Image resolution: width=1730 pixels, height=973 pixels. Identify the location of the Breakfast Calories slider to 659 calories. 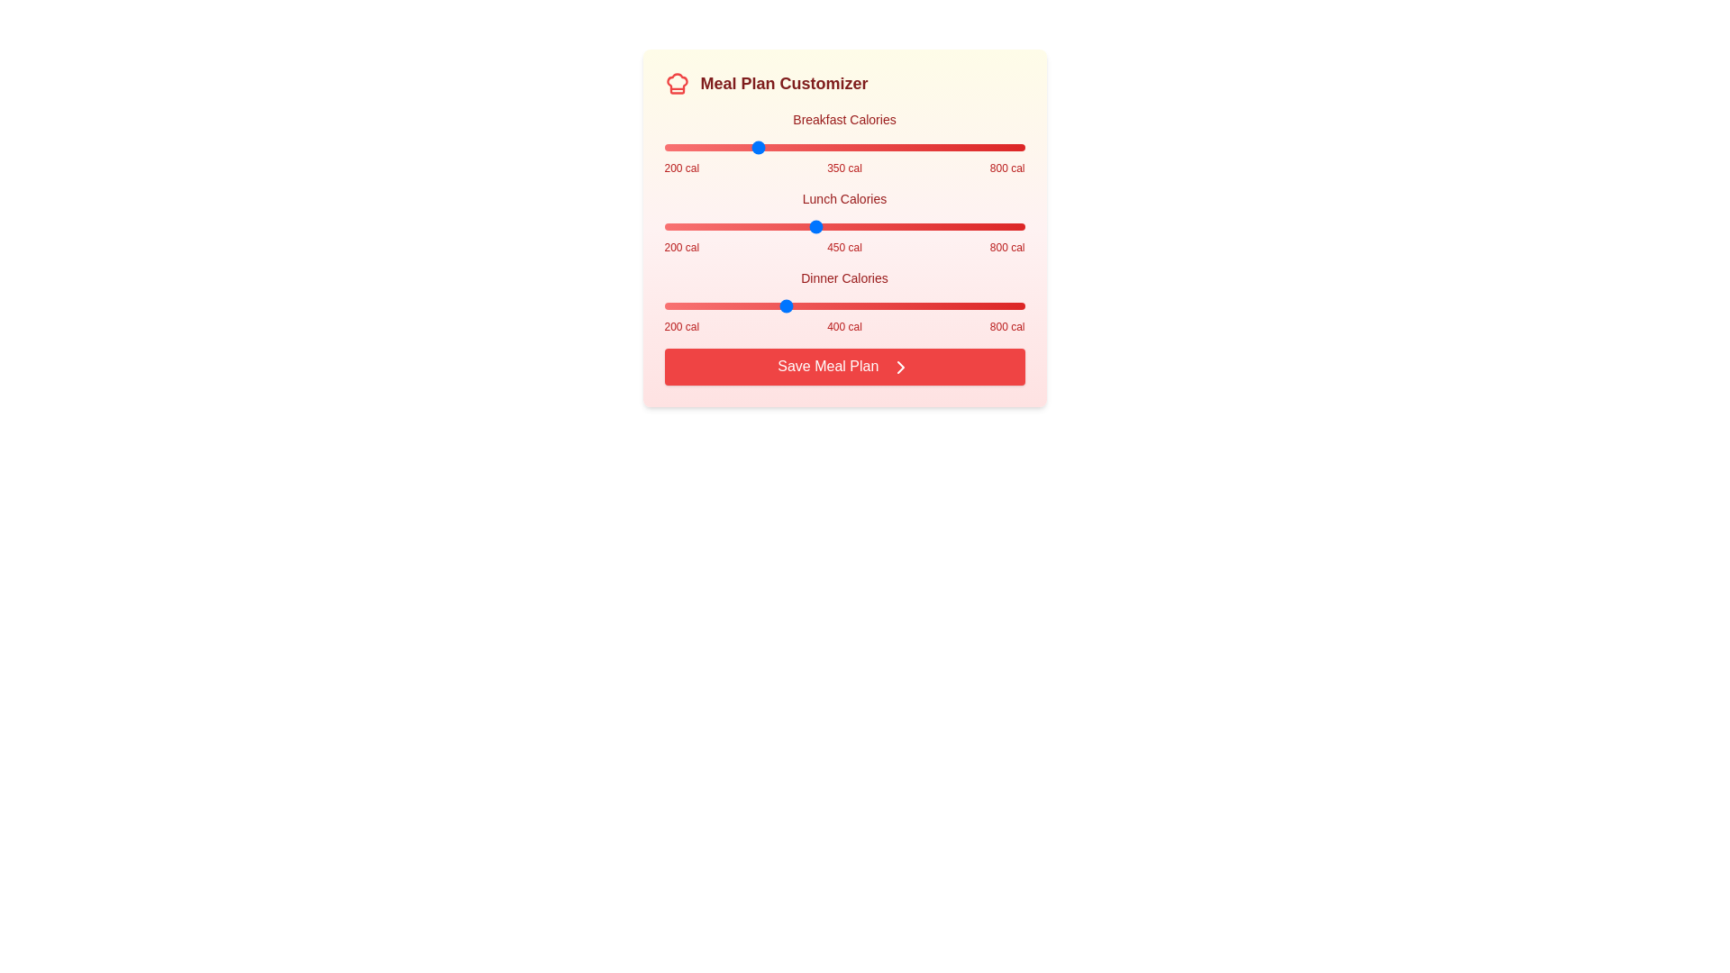
(939, 147).